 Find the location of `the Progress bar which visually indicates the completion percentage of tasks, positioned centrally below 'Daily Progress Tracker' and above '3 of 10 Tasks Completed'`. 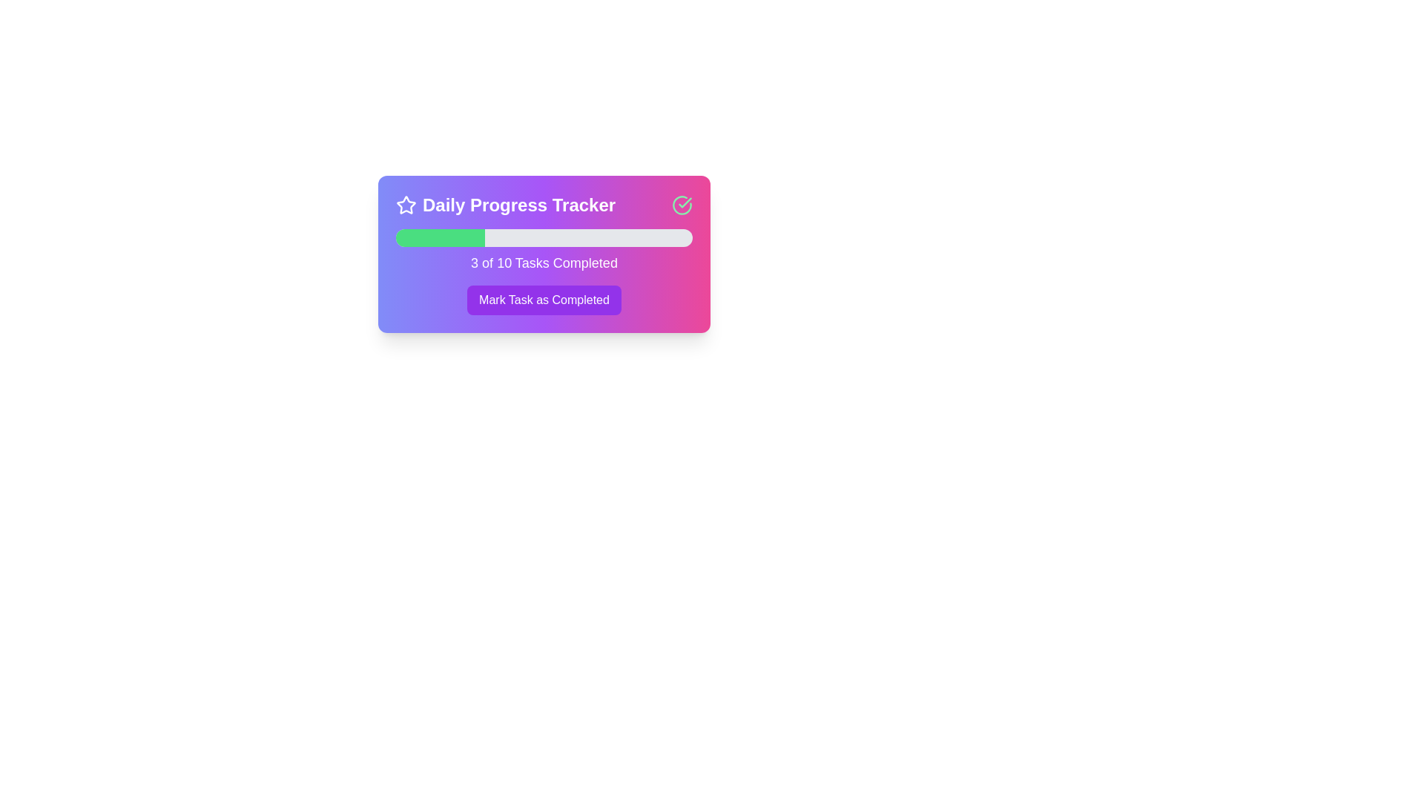

the Progress bar which visually indicates the completion percentage of tasks, positioned centrally below 'Daily Progress Tracker' and above '3 of 10 Tasks Completed' is located at coordinates (544, 237).